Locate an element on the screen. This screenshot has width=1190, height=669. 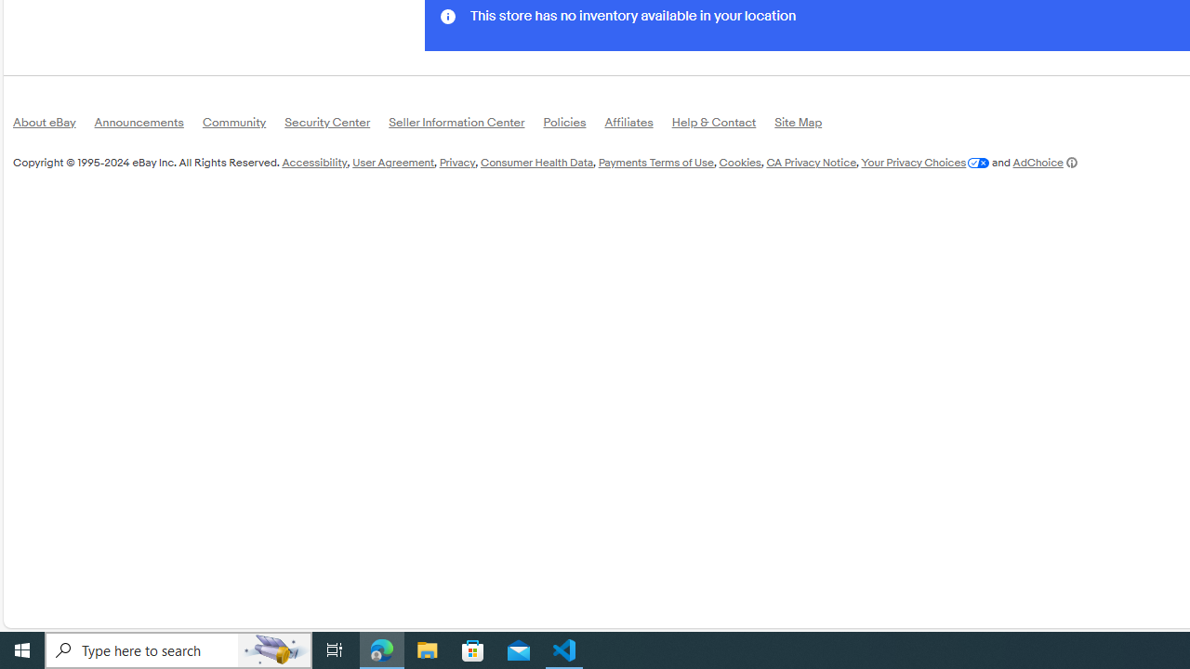
'About eBay' is located at coordinates (54, 125).